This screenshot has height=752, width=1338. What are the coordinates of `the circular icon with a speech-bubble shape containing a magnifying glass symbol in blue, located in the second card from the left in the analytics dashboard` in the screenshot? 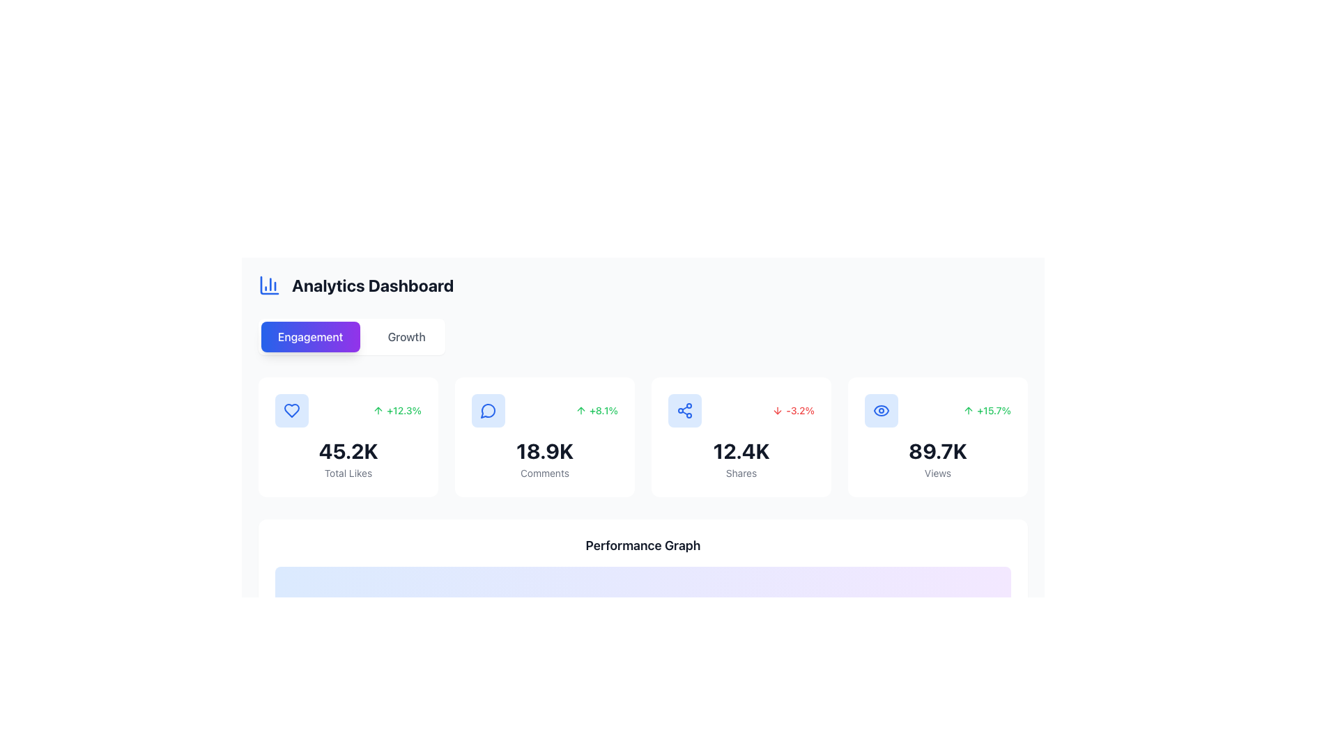 It's located at (488, 410).